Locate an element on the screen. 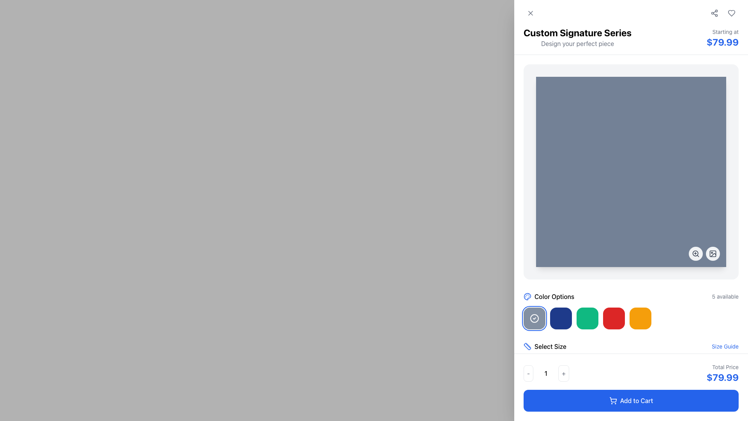 The height and width of the screenshot is (421, 748). the square media display area with rounded corners, which has a white background and is positioned prominently in the right-hand panel of the layout is located at coordinates (631, 171).